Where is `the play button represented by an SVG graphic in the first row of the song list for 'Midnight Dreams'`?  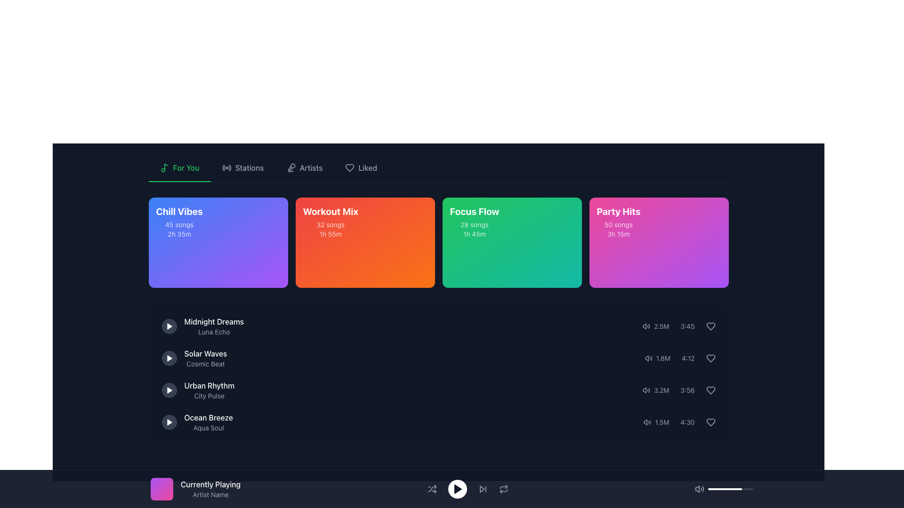
the play button represented by an SVG graphic in the first row of the song list for 'Midnight Dreams' is located at coordinates (169, 326).